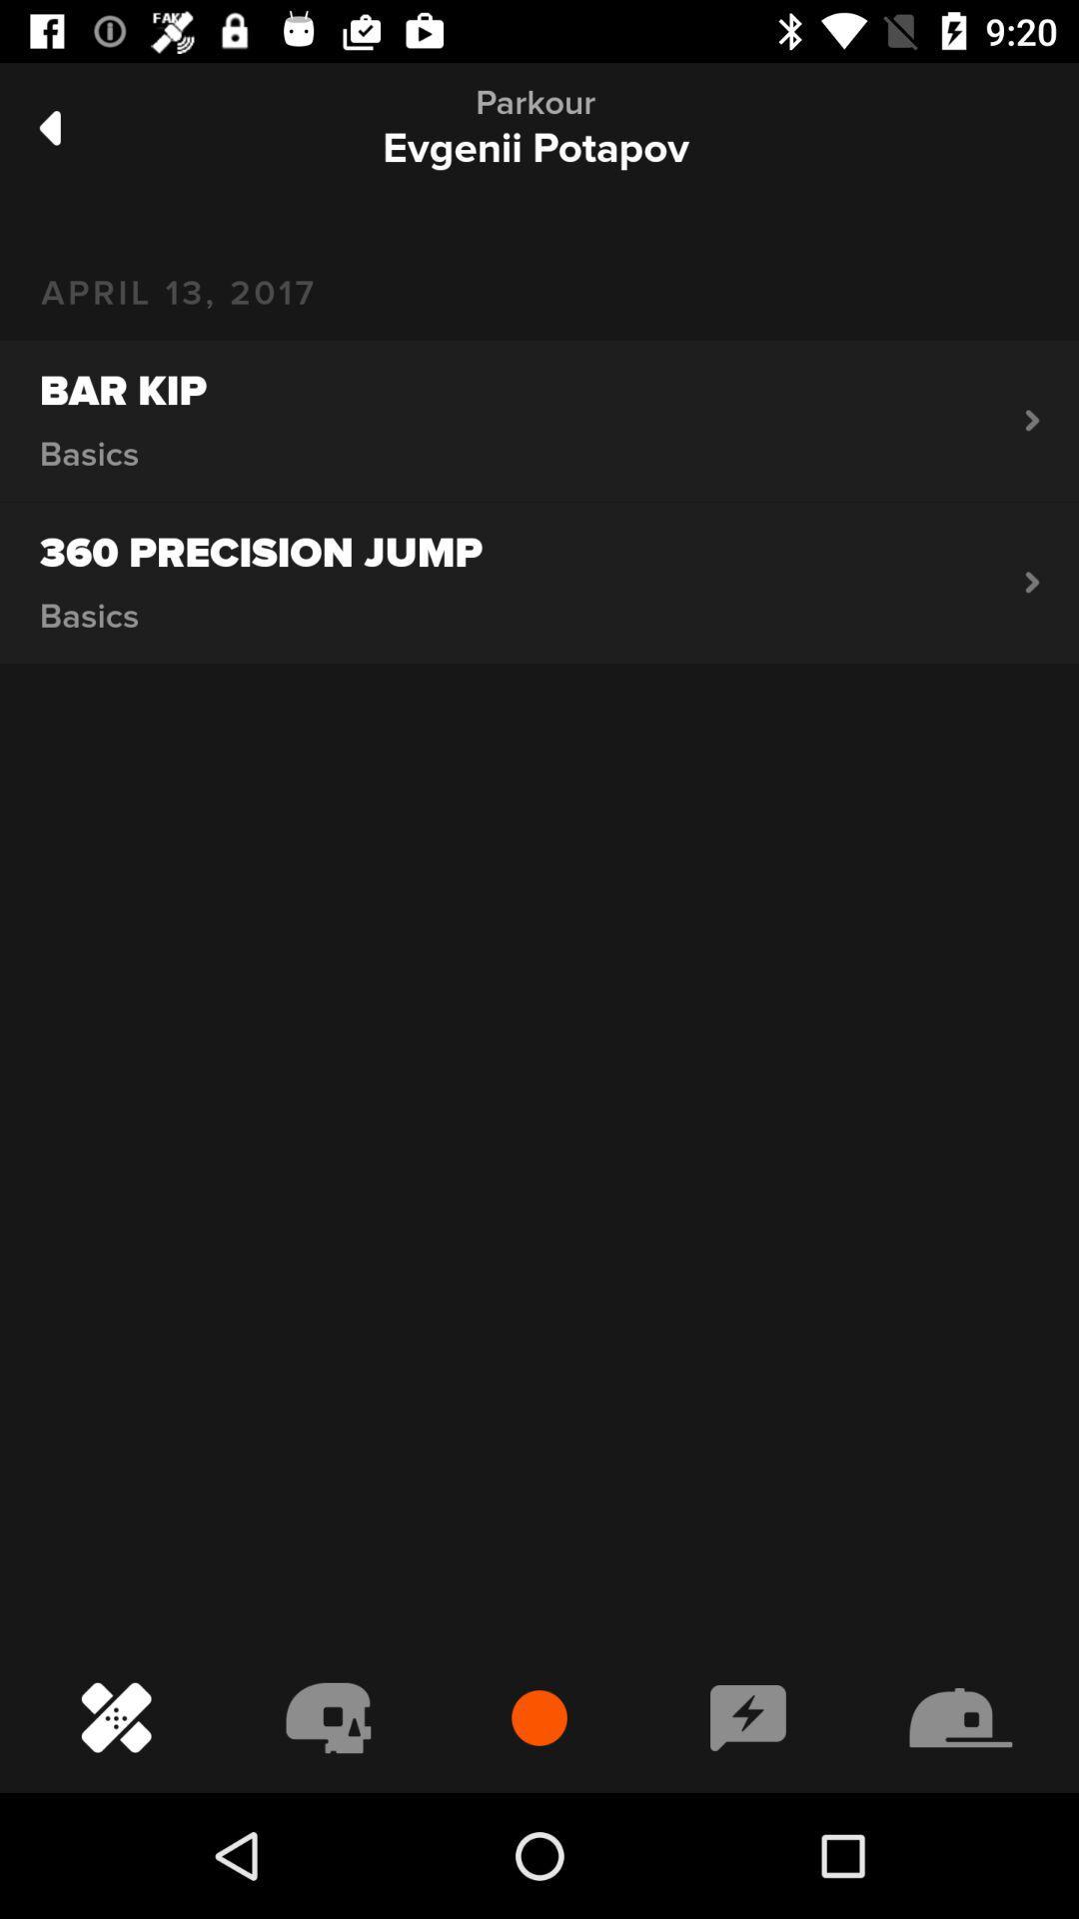  Describe the element at coordinates (748, 1717) in the screenshot. I see `the fourth icon on the navigation bar` at that location.